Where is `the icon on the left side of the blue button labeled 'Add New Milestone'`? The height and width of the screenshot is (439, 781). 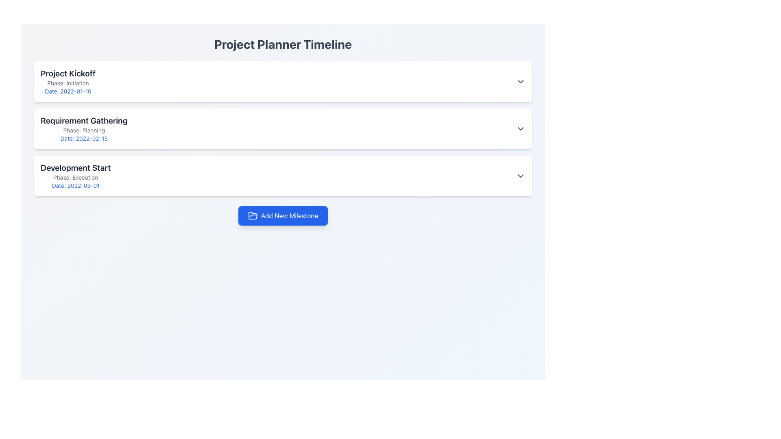
the icon on the left side of the blue button labeled 'Add New Milestone' is located at coordinates (252, 215).